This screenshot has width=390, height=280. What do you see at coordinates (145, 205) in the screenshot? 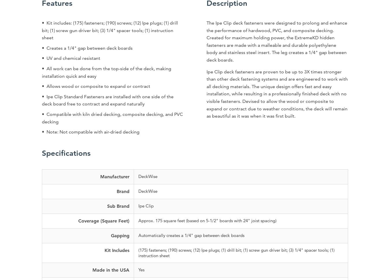
I see `'Ipe Clip'` at bounding box center [145, 205].